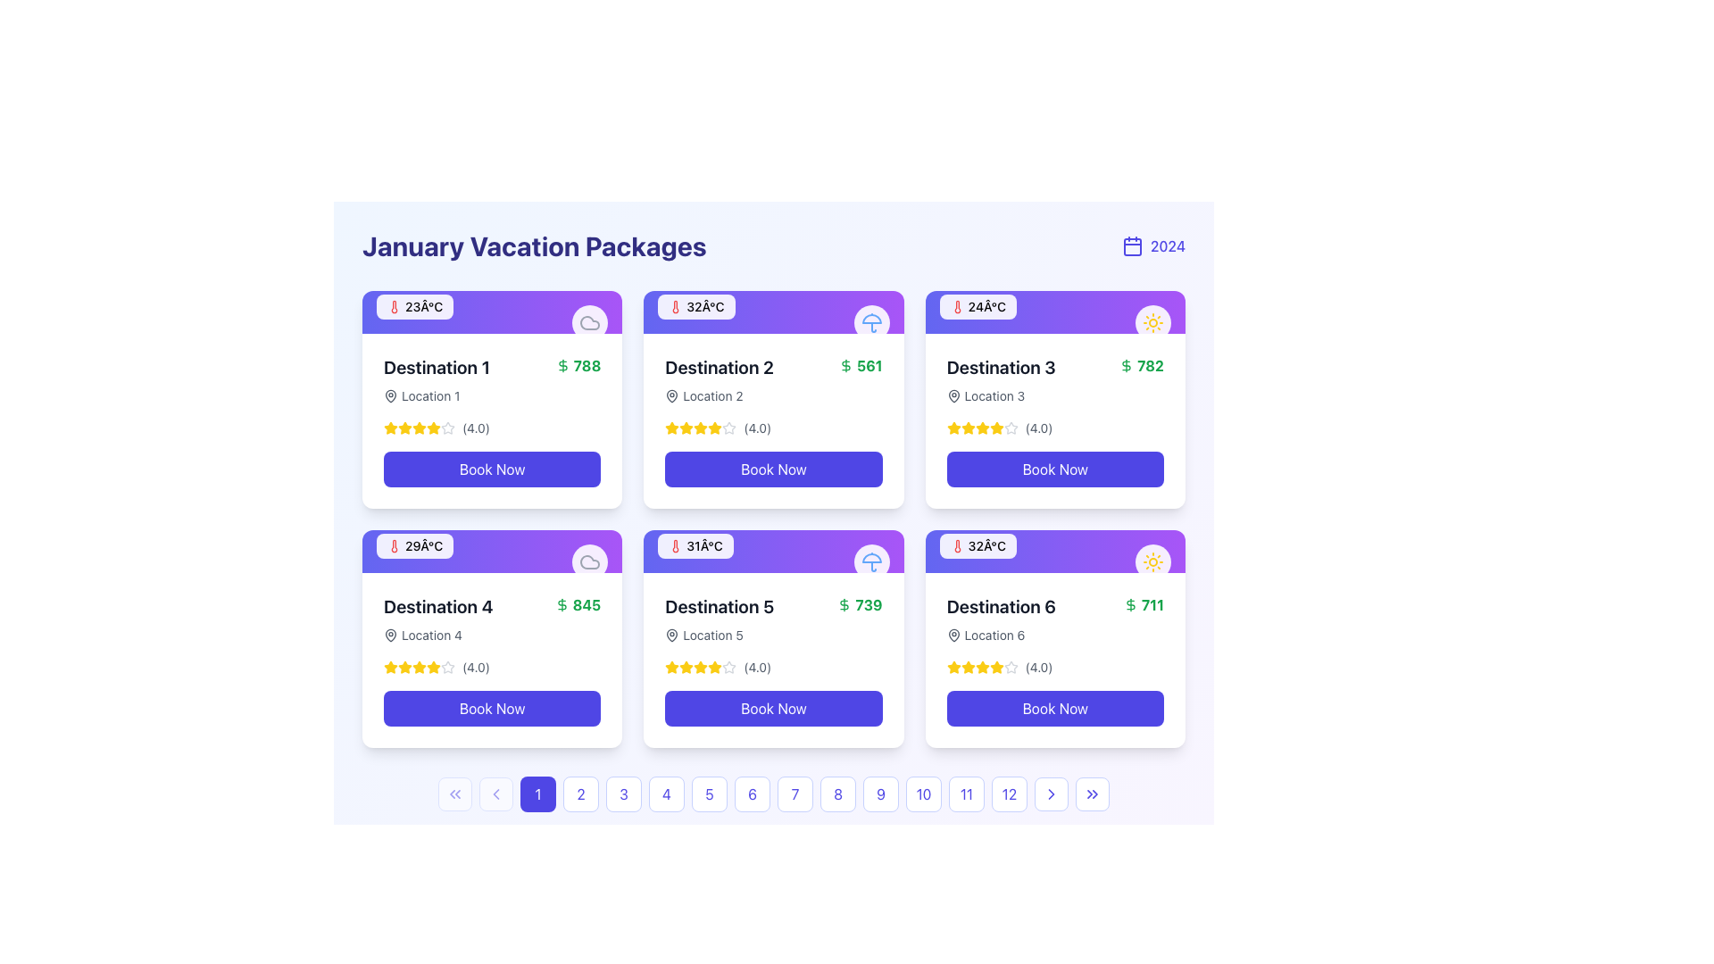 Image resolution: width=1714 pixels, height=964 pixels. I want to click on the weather conditions icon, which is an umbrella with a blue outline on a white circular background, located in the top-right corner of the 'Destination 2' card, so click(871, 323).